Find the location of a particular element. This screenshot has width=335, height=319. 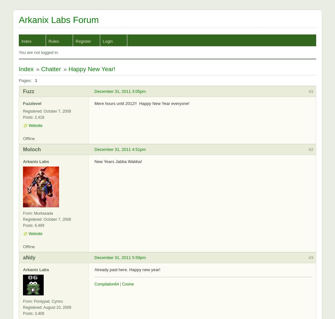

'1' is located at coordinates (36, 80).